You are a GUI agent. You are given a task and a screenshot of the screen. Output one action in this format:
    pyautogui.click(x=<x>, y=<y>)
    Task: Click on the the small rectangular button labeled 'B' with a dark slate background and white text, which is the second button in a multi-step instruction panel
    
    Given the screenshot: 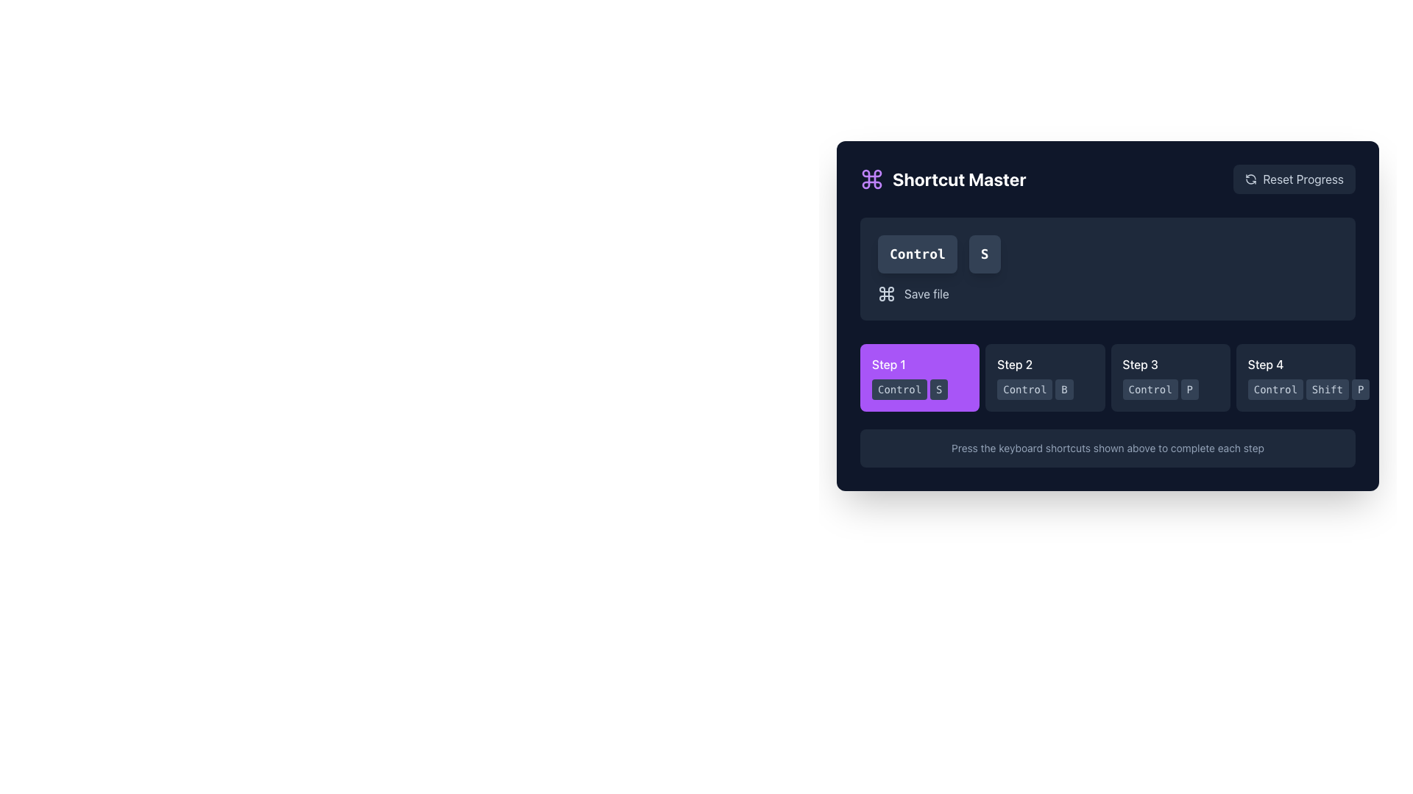 What is the action you would take?
    pyautogui.click(x=1064, y=388)
    